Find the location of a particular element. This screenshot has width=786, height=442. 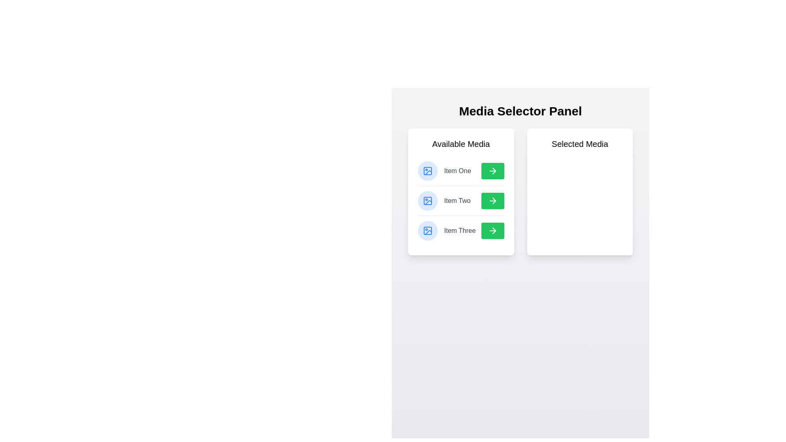

text content of the gray text label labeled 'Item One' located in the 'Available Media' section, positioned to the left of the green action button and right of a circular blue icon is located at coordinates (457, 170).